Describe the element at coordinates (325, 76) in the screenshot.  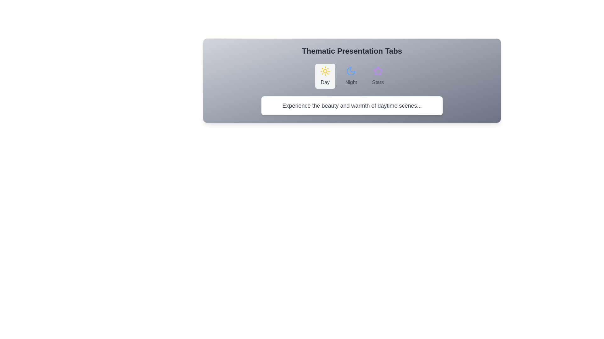
I see `the tab labeled Day` at that location.